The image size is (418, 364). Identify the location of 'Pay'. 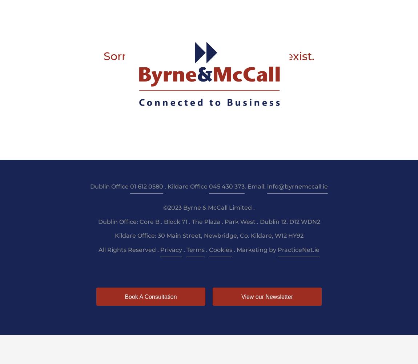
(326, 11).